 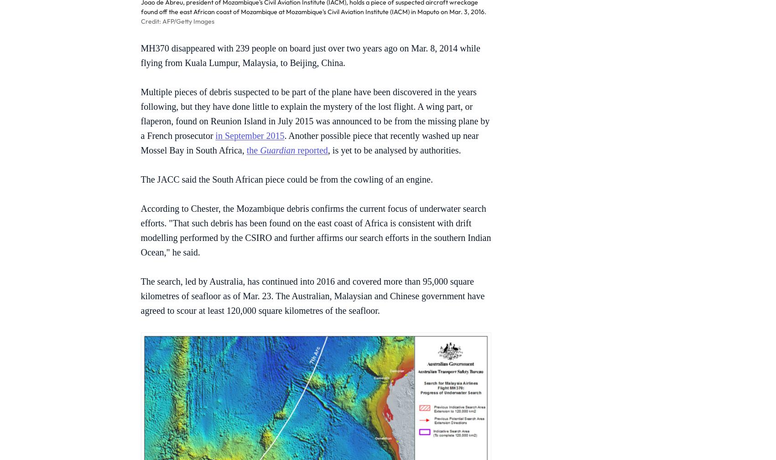 What do you see at coordinates (310, 55) in the screenshot?
I see `'MH370 disappeared with 239 people on board just over two years ago on Mar. 8, 2014 while flying from Kuala Lumpur, Malaysia, to Beijing, China.'` at bounding box center [310, 55].